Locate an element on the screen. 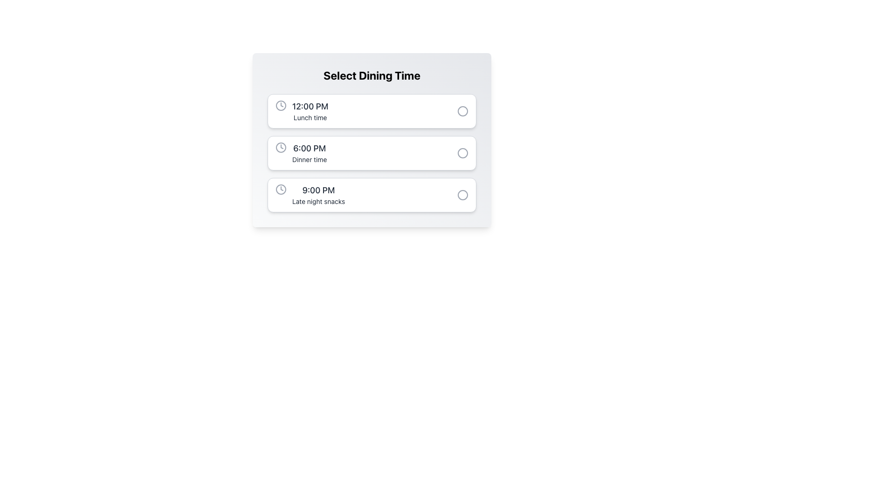 Image resolution: width=895 pixels, height=503 pixels. text label that displays 'Dinner time', which is styled in a smaller font and positioned below '6:00 PM' in the dining time options list is located at coordinates (310, 159).